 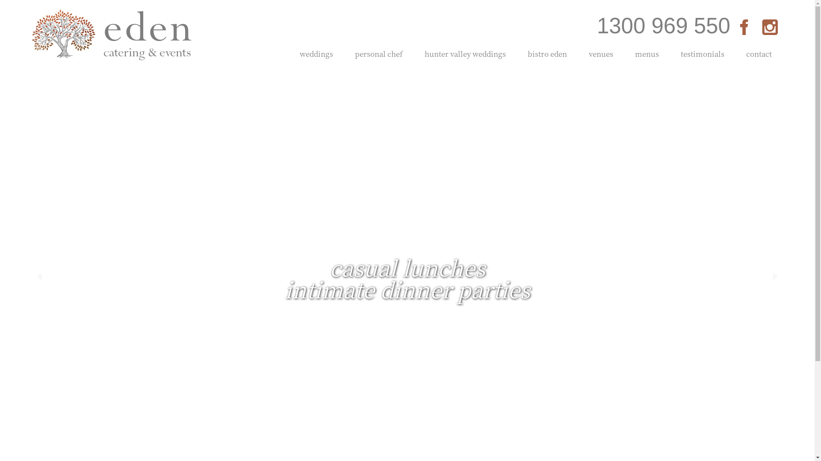 What do you see at coordinates (601, 54) in the screenshot?
I see `'venues'` at bounding box center [601, 54].